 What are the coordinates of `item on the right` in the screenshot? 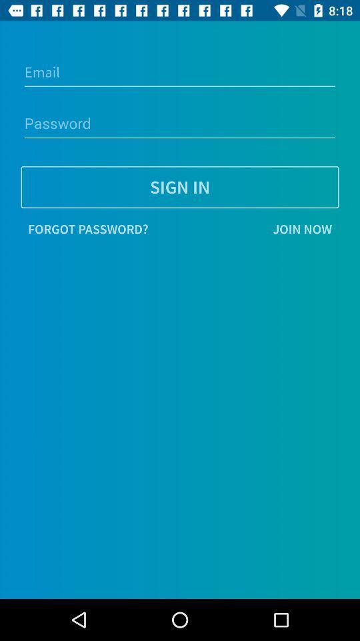 It's located at (246, 229).